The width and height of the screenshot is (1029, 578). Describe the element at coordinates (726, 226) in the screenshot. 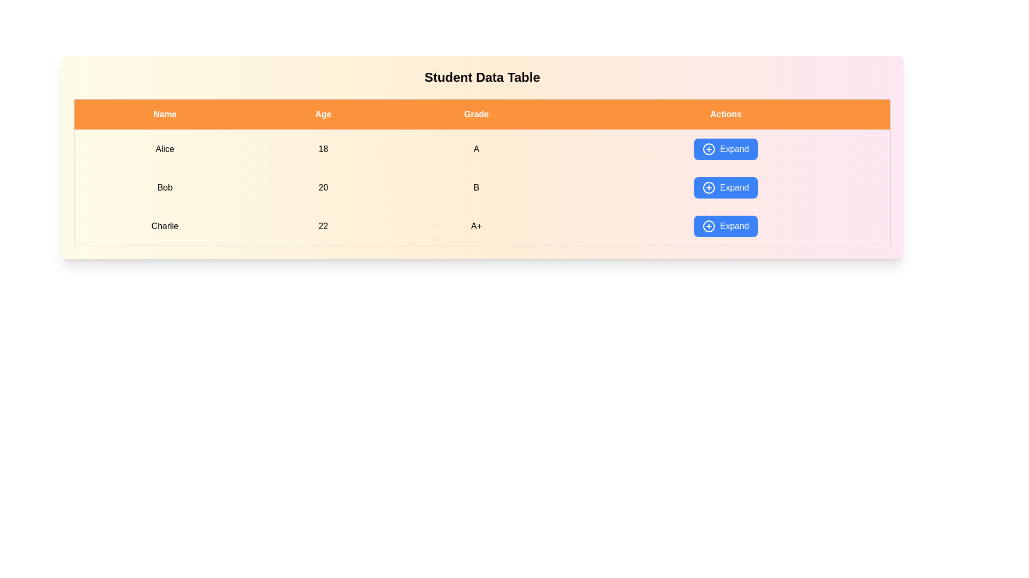

I see `the button located in the bottom row of the 'Actions' column in the table, aligned with the last entry 'Charlie'` at that location.